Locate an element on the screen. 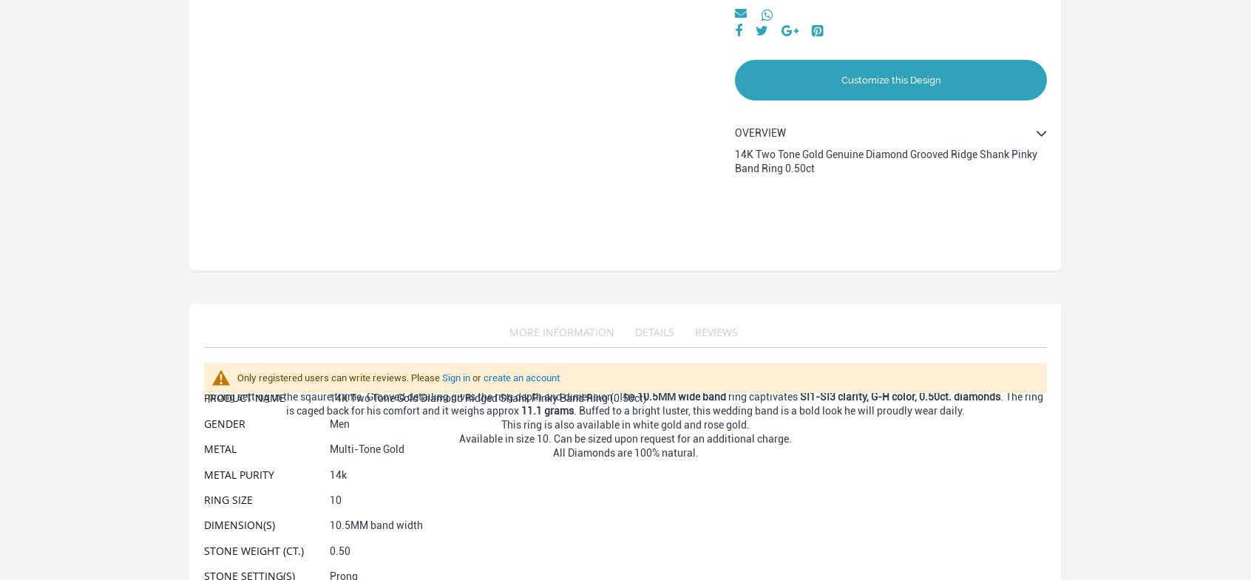 The image size is (1251, 580). 'create an account' is located at coordinates (483, 377).